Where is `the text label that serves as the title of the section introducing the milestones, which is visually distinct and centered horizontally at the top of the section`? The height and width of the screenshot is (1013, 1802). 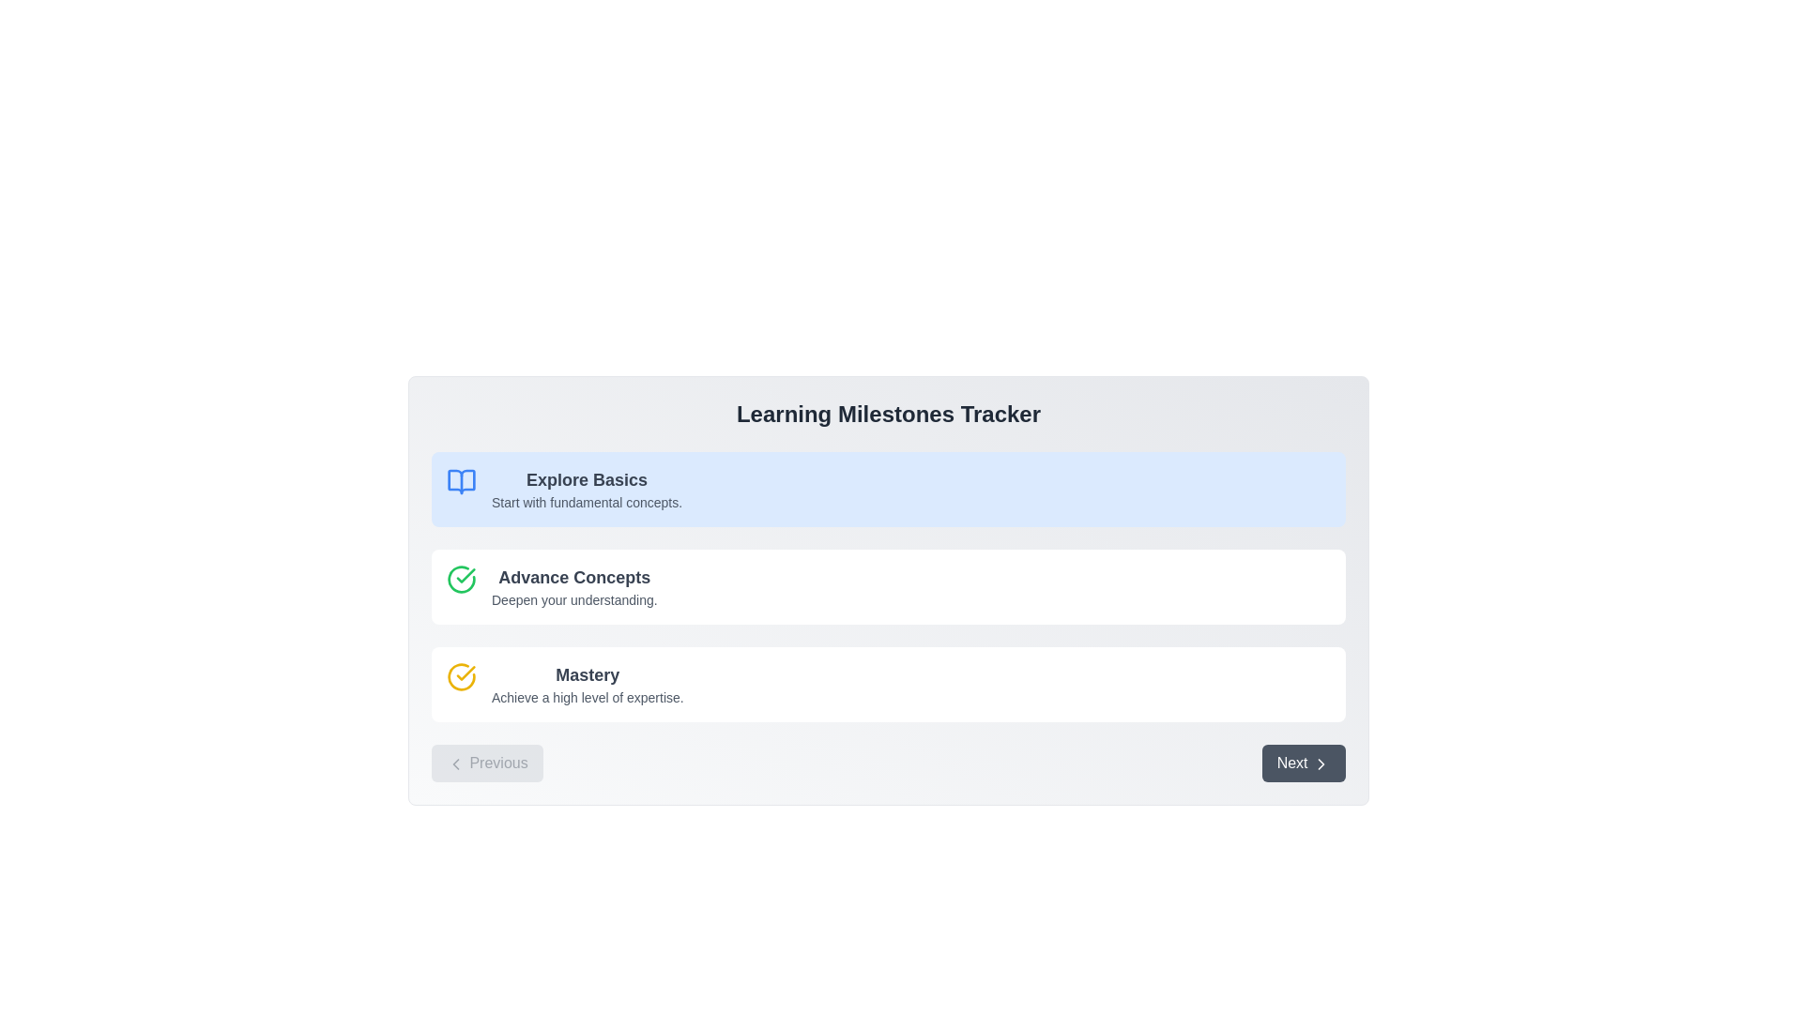 the text label that serves as the title of the section introducing the milestones, which is visually distinct and centered horizontally at the top of the section is located at coordinates (887, 414).